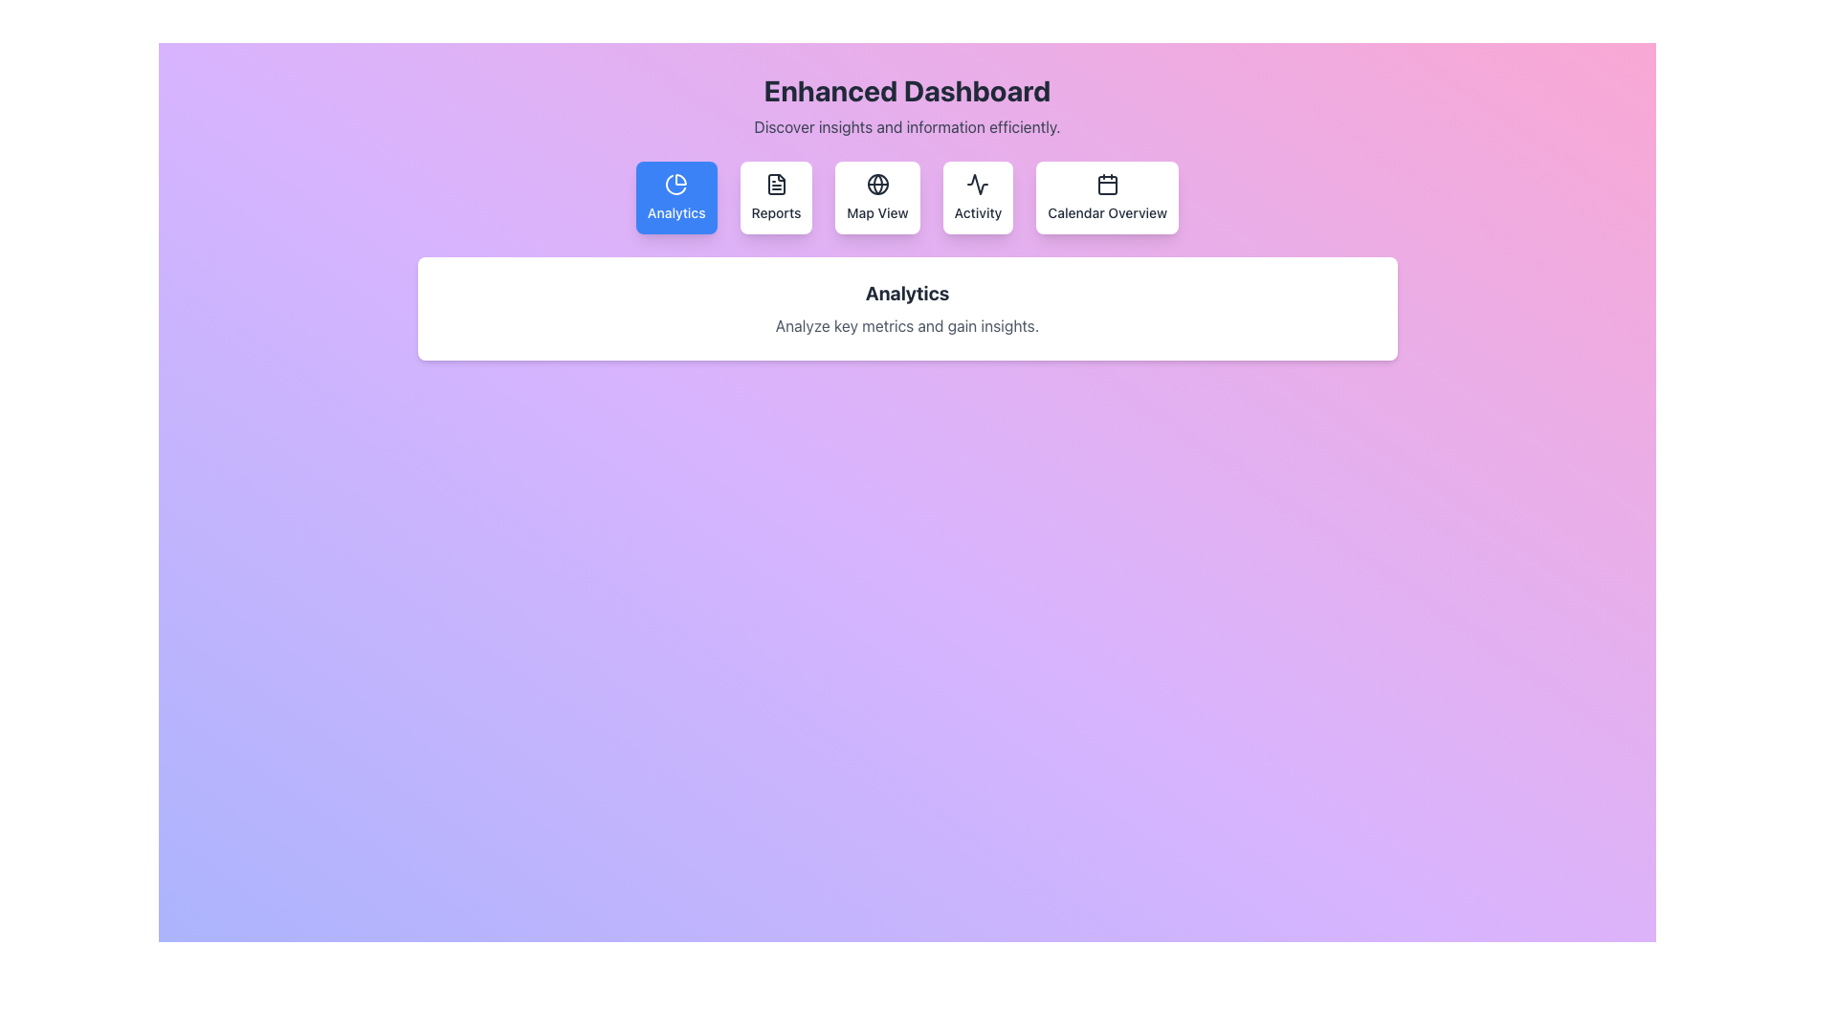  Describe the element at coordinates (978, 213) in the screenshot. I see `'Activity' text label located in the third card of the top row, positioned below the icon symbol` at that location.